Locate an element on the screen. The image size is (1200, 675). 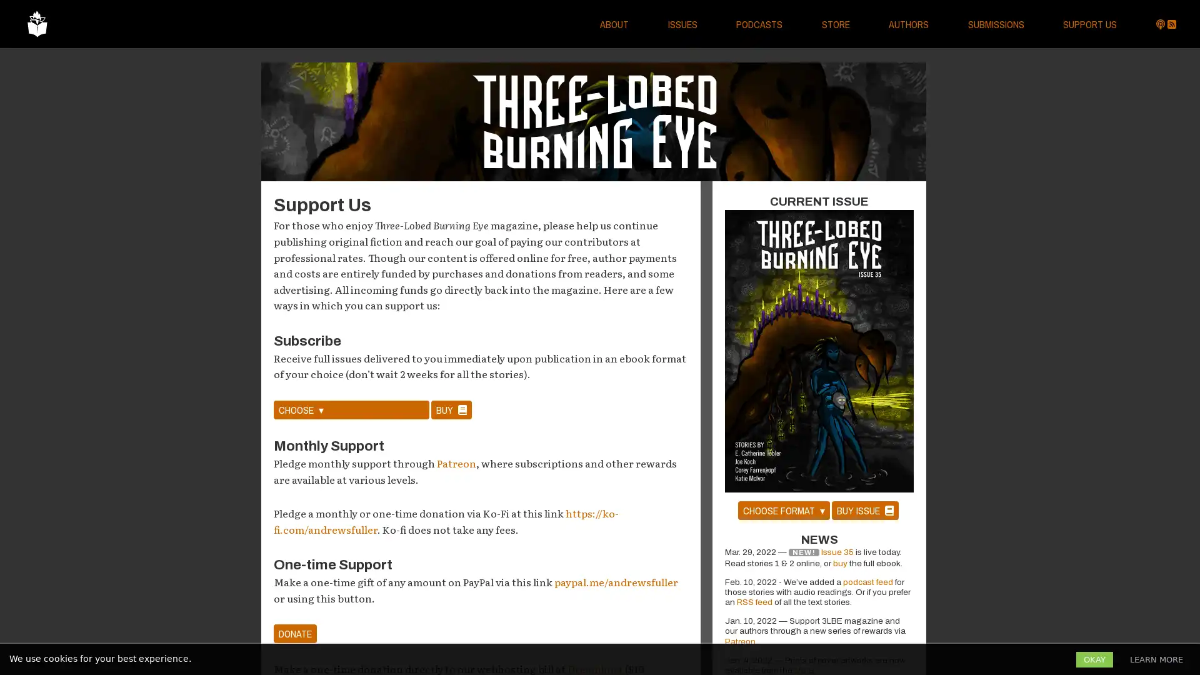
BUY is located at coordinates (451, 409).